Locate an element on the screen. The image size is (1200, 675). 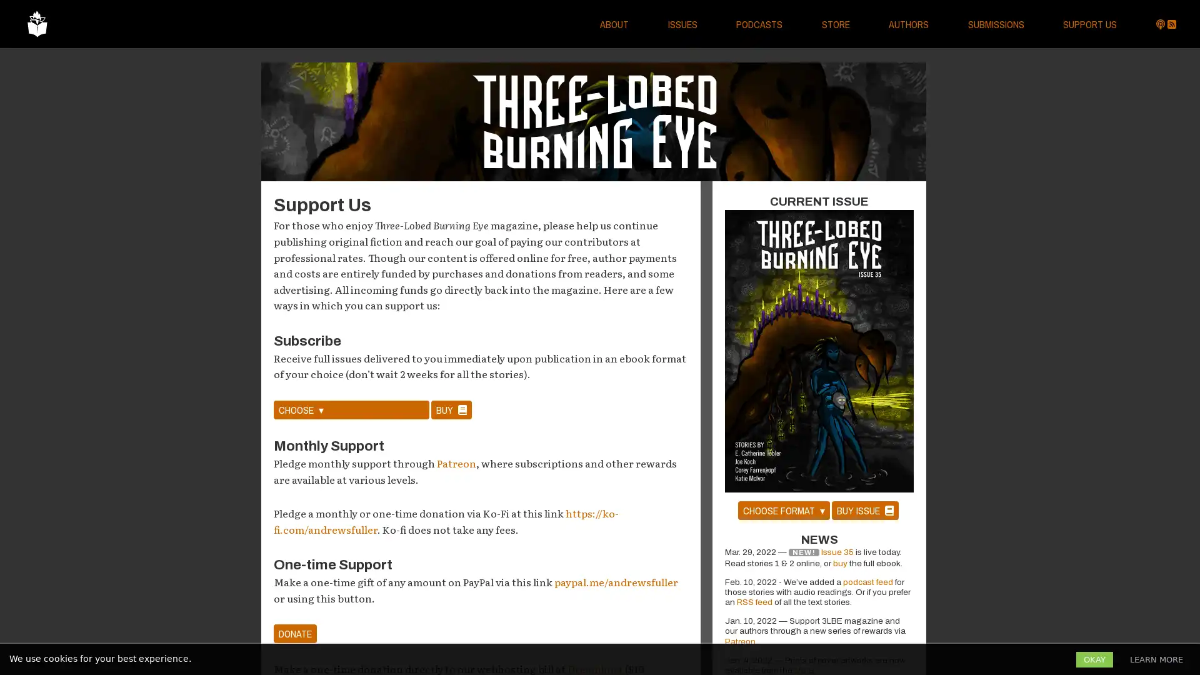
BUY is located at coordinates (451, 409).